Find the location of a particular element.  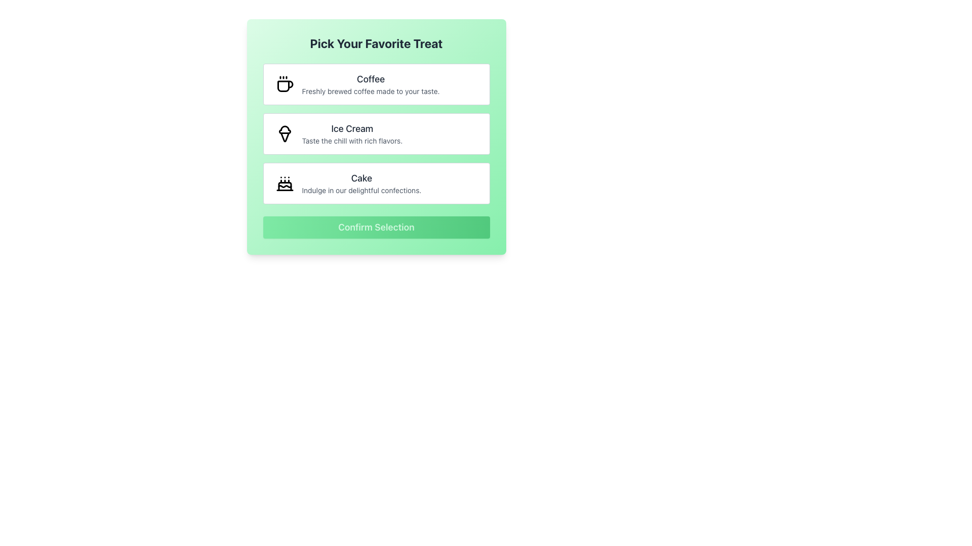

the 'Cake' selection button to choose this option from the list of treats is located at coordinates (376, 183).